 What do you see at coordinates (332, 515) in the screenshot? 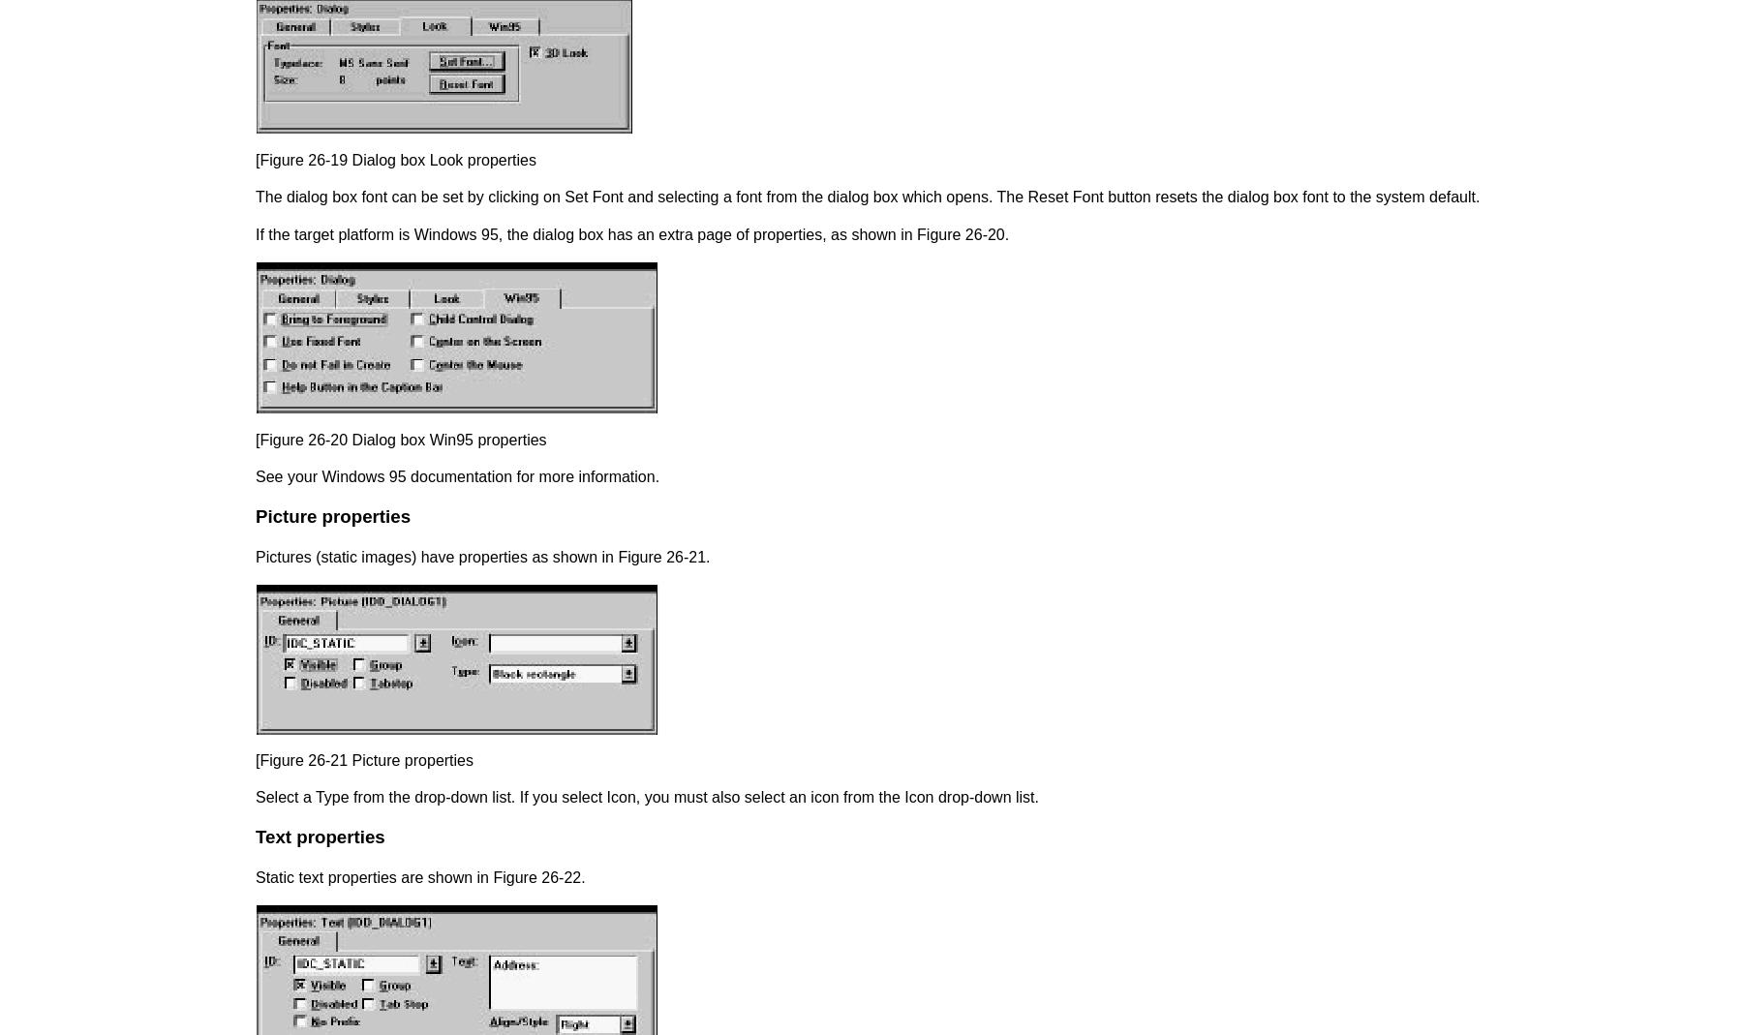
I see `'Picture properties'` at bounding box center [332, 515].